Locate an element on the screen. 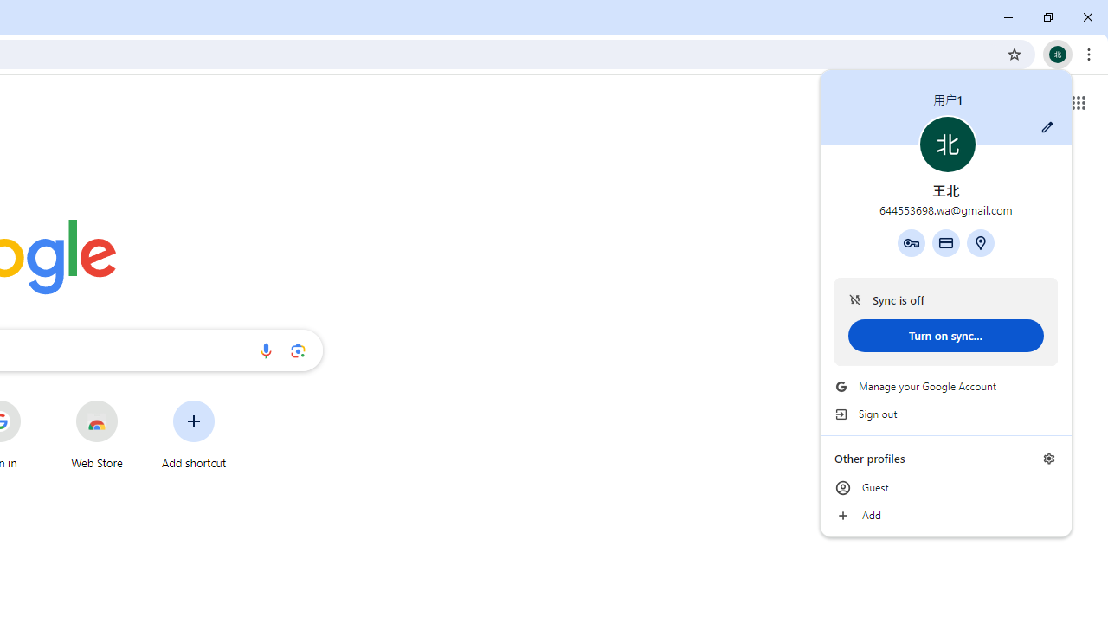  'Google Password Manager' is located at coordinates (910, 242).